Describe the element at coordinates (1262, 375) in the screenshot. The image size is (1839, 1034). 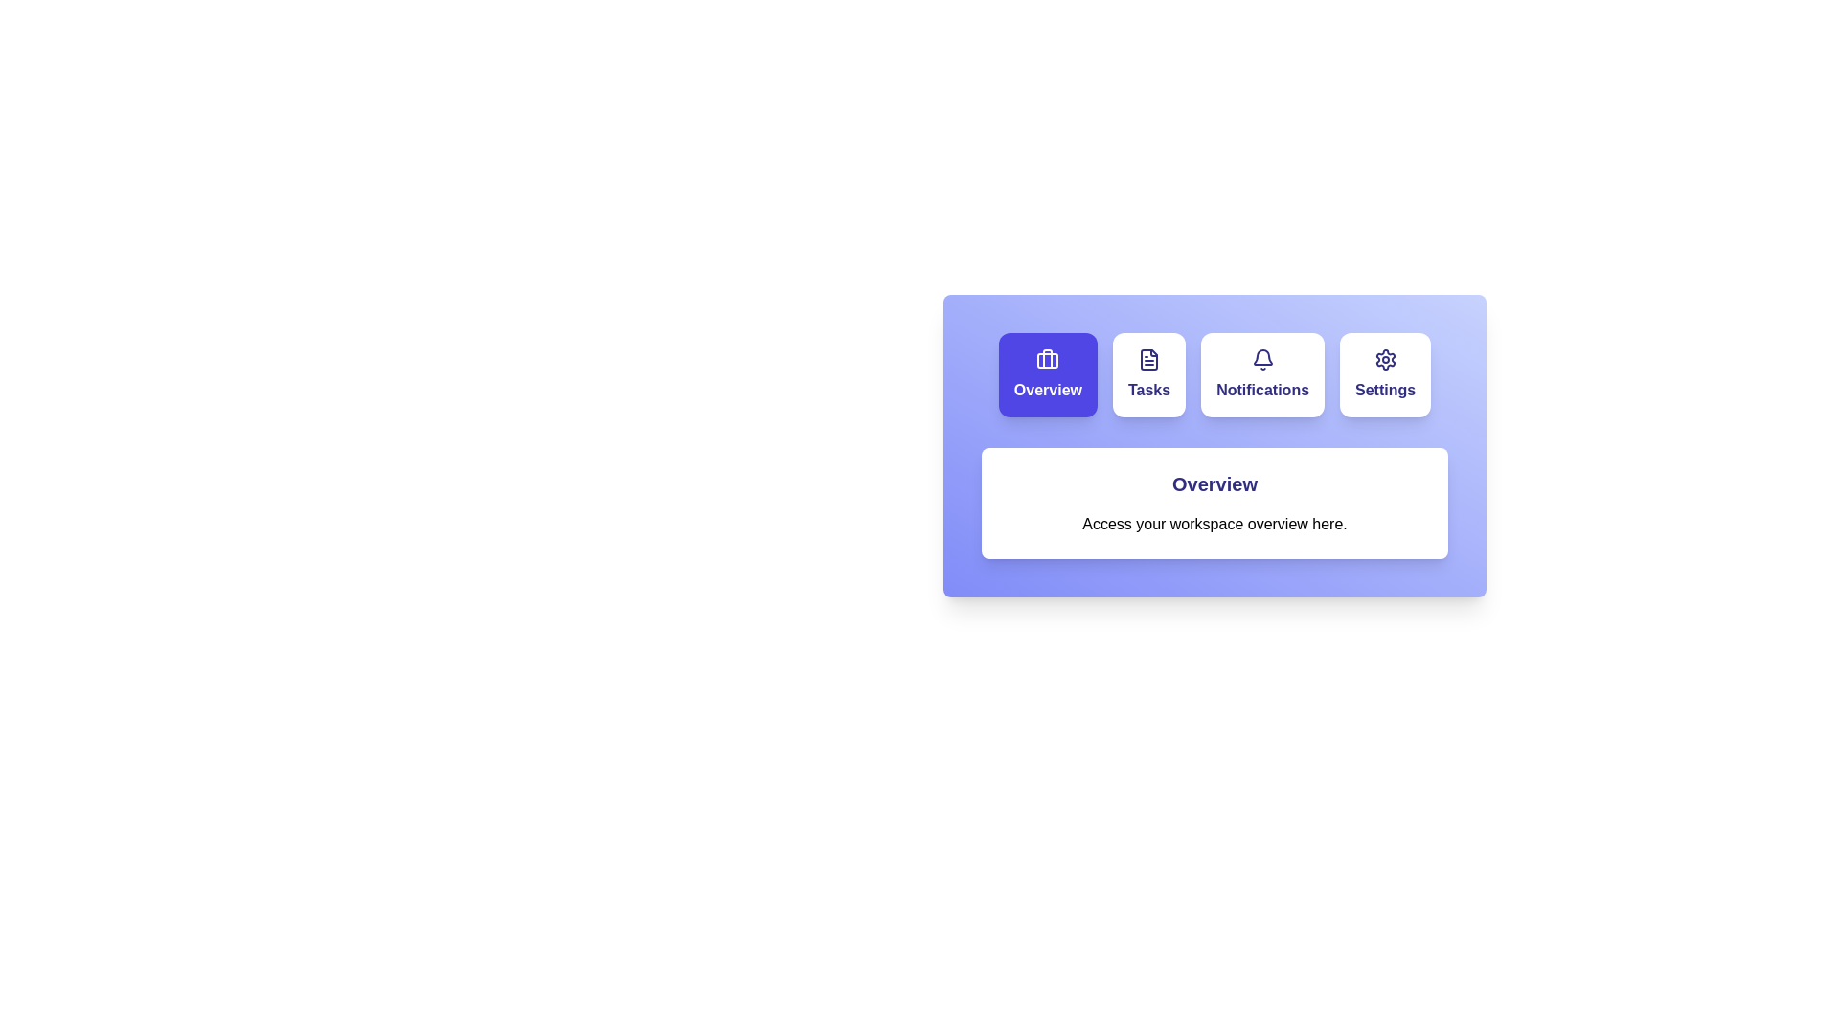
I see `the Notifications tab by clicking on it` at that location.